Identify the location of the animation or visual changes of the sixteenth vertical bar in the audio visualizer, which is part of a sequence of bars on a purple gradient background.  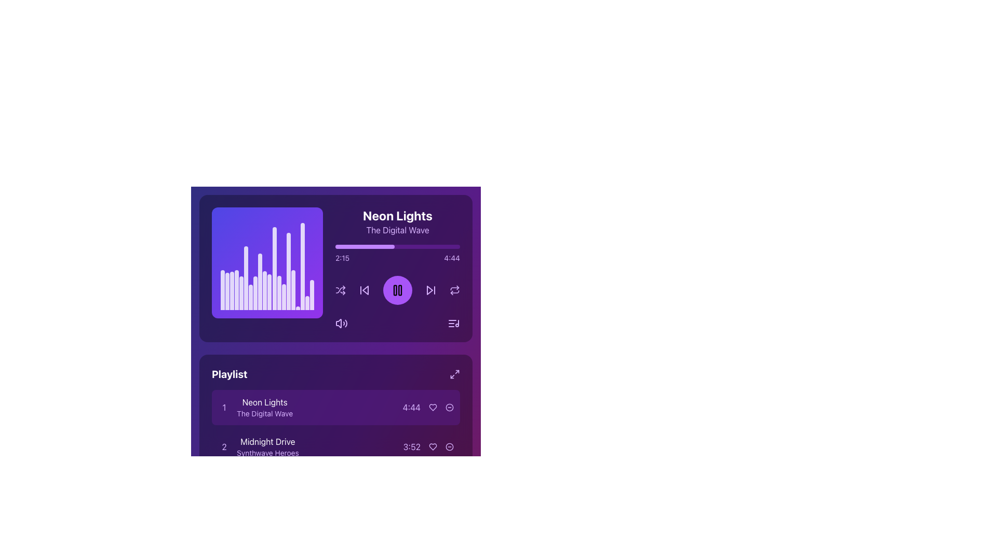
(284, 297).